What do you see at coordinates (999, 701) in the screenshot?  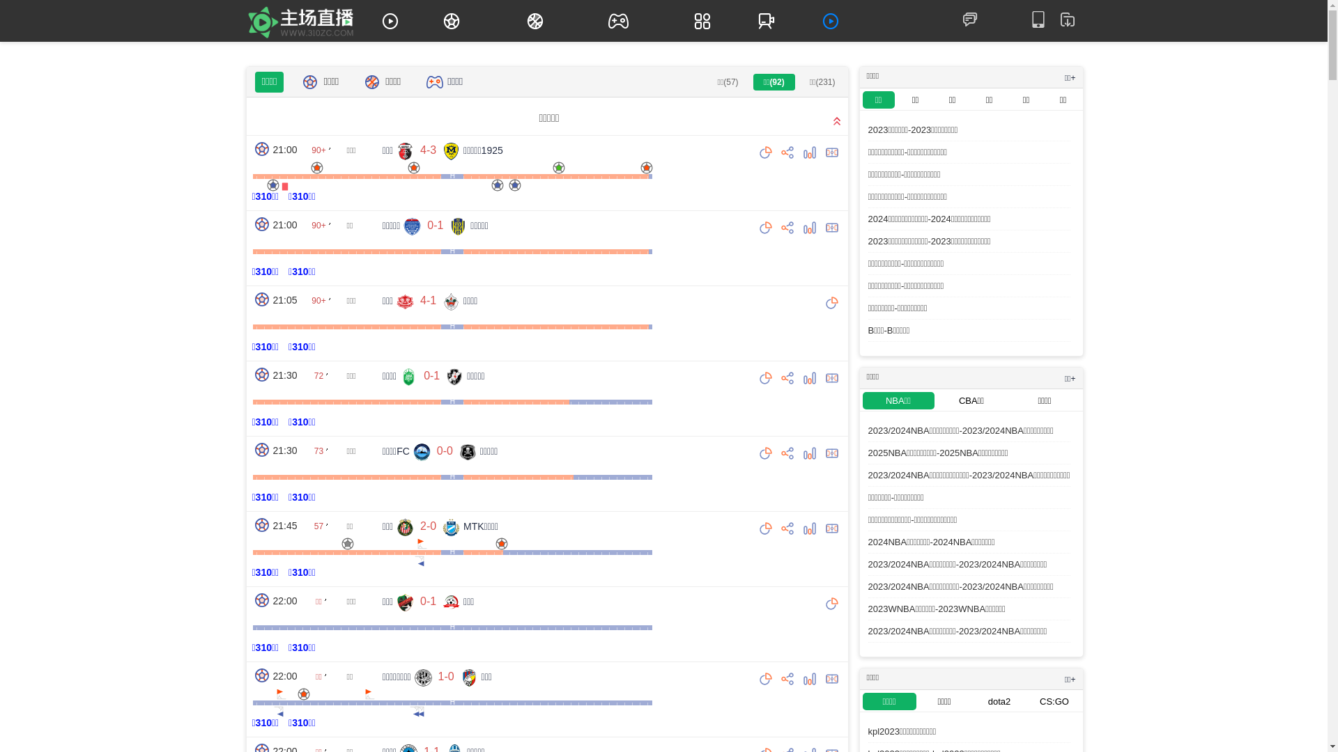 I see `'dota2'` at bounding box center [999, 701].